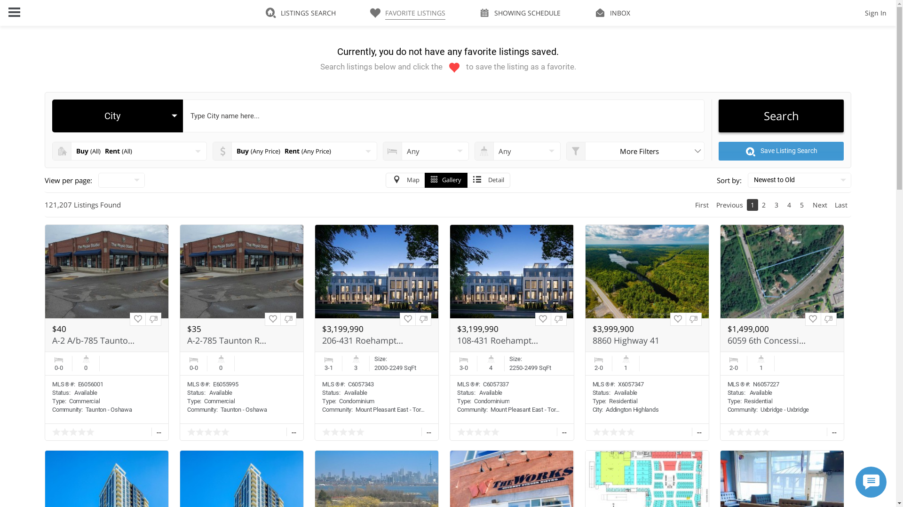 The height and width of the screenshot is (507, 903). I want to click on 'Dislike', so click(820, 318).